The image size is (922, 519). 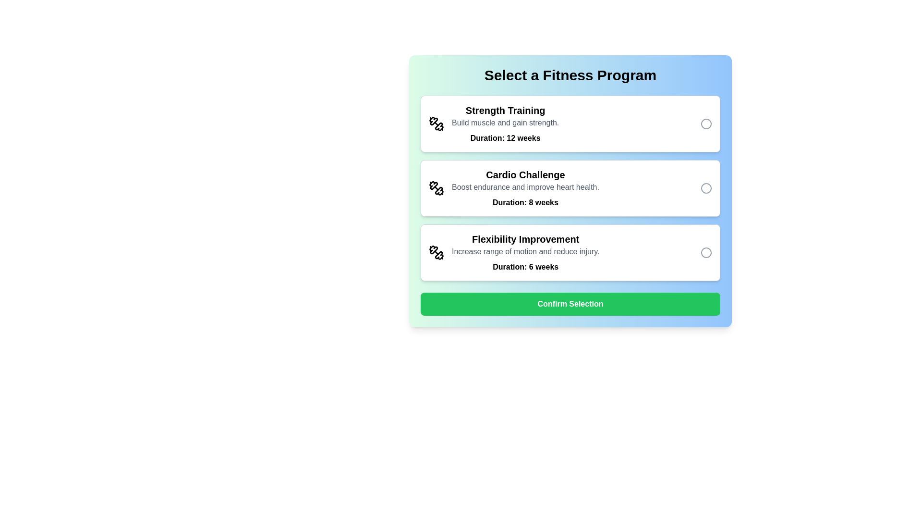 What do you see at coordinates (438, 191) in the screenshot?
I see `the small graphical icon with a black outline located near the text 'Cardio Challenge' in the fitness program selection interface` at bounding box center [438, 191].